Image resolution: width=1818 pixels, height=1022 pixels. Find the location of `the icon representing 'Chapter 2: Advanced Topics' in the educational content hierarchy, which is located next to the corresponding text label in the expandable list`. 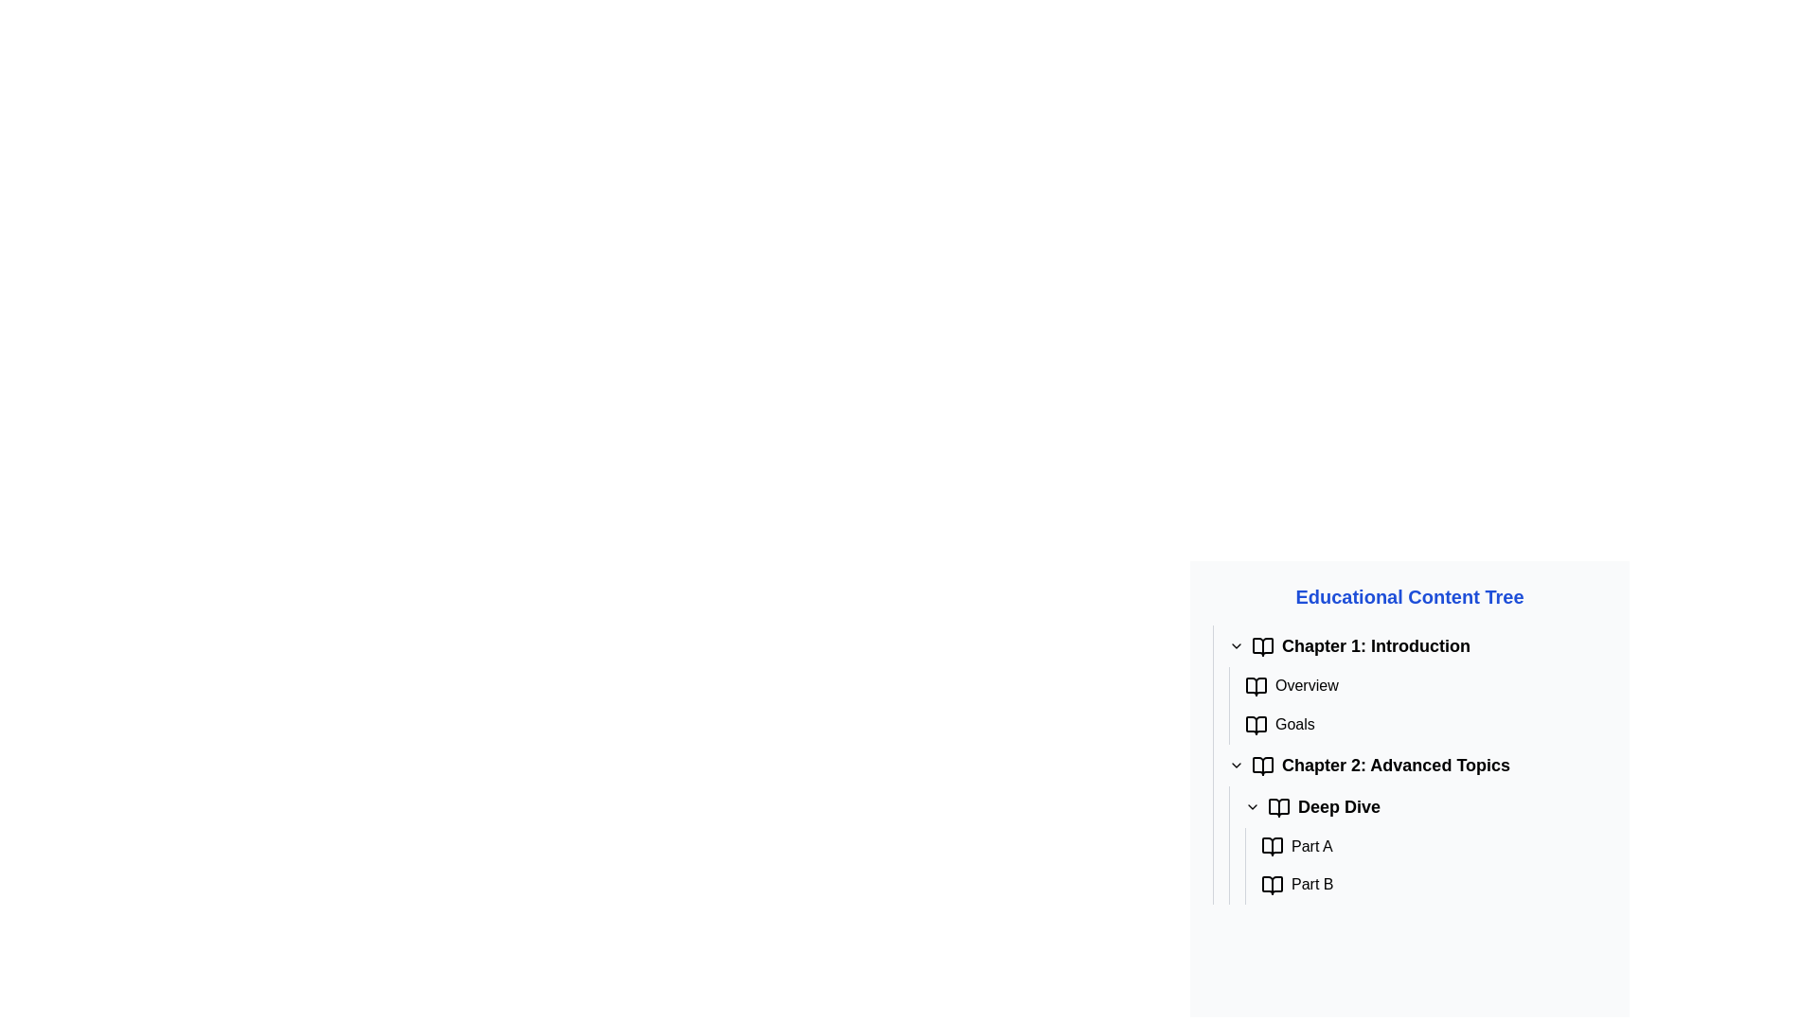

the icon representing 'Chapter 2: Advanced Topics' in the educational content hierarchy, which is located next to the corresponding text label in the expandable list is located at coordinates (1263, 765).